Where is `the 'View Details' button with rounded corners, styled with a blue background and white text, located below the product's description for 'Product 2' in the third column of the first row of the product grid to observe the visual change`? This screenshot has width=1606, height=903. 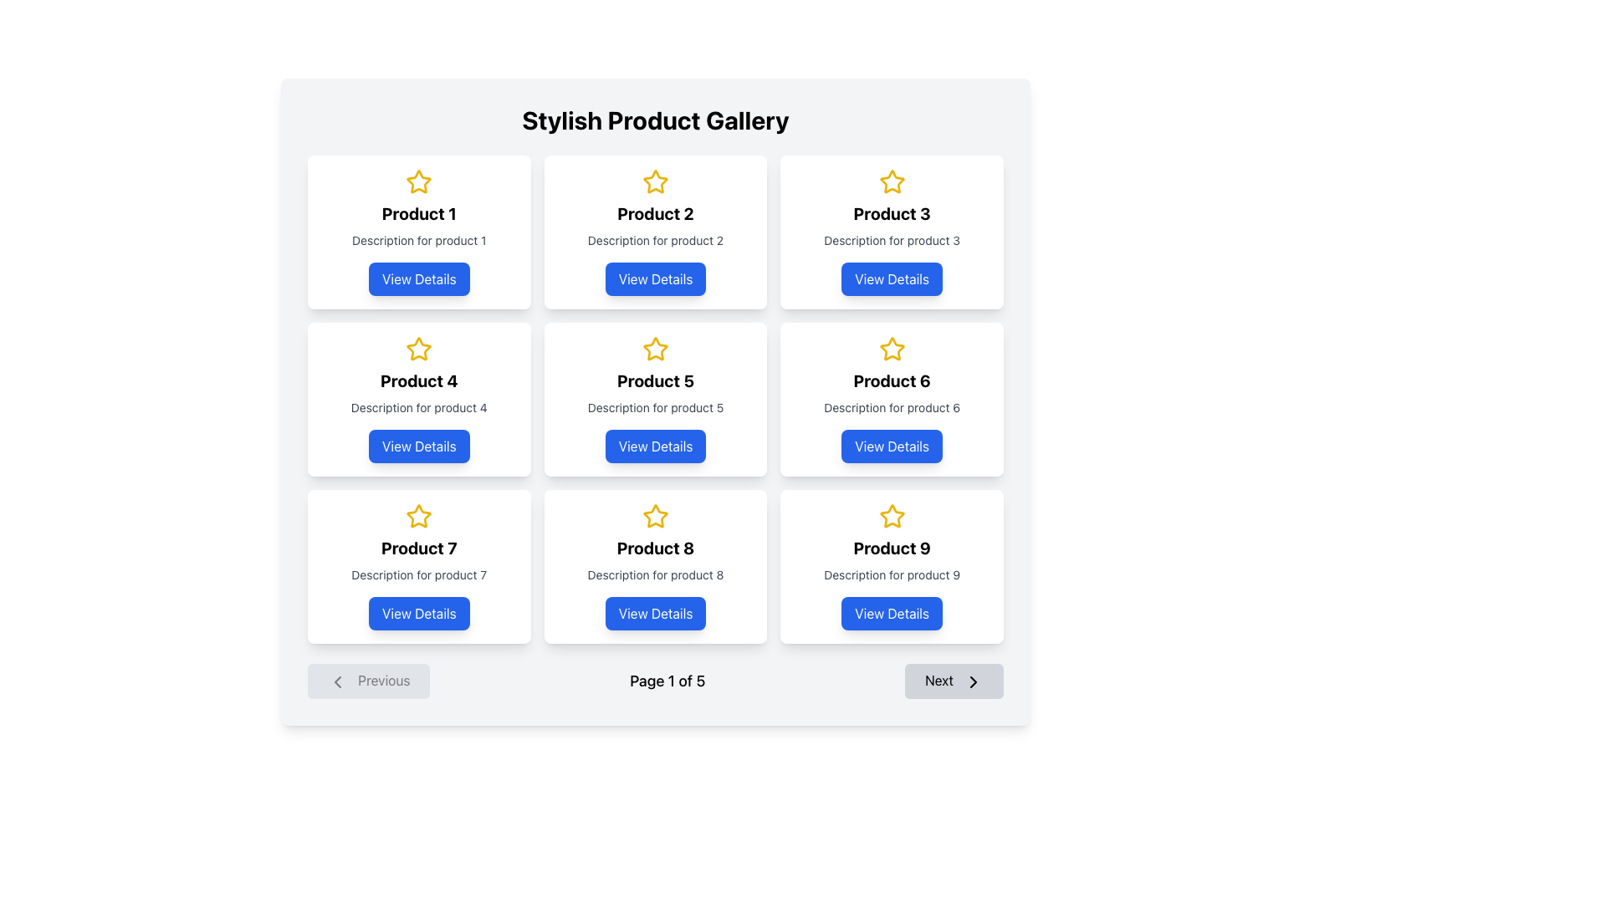
the 'View Details' button with rounded corners, styled with a blue background and white text, located below the product's description for 'Product 2' in the third column of the first row of the product grid to observe the visual change is located at coordinates (654, 278).